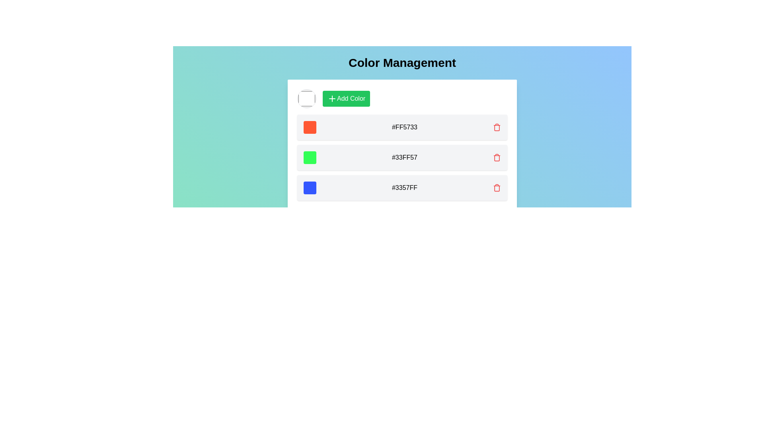  Describe the element at coordinates (402, 145) in the screenshot. I see `the color entry ListItem displaying the color code '#33FF57'` at that location.